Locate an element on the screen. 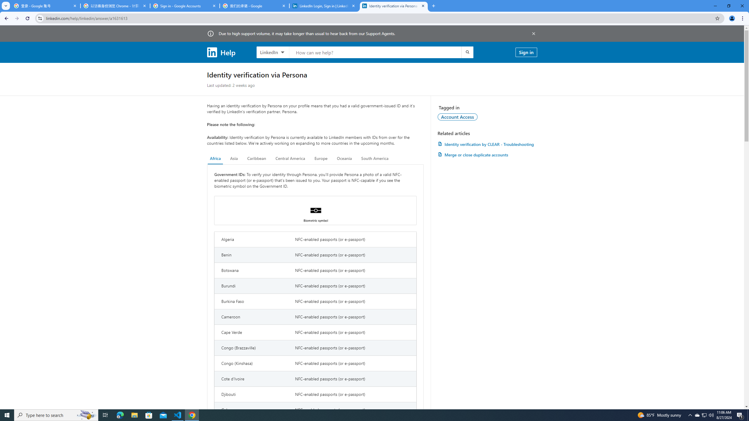  'Oceania' is located at coordinates (344, 158).